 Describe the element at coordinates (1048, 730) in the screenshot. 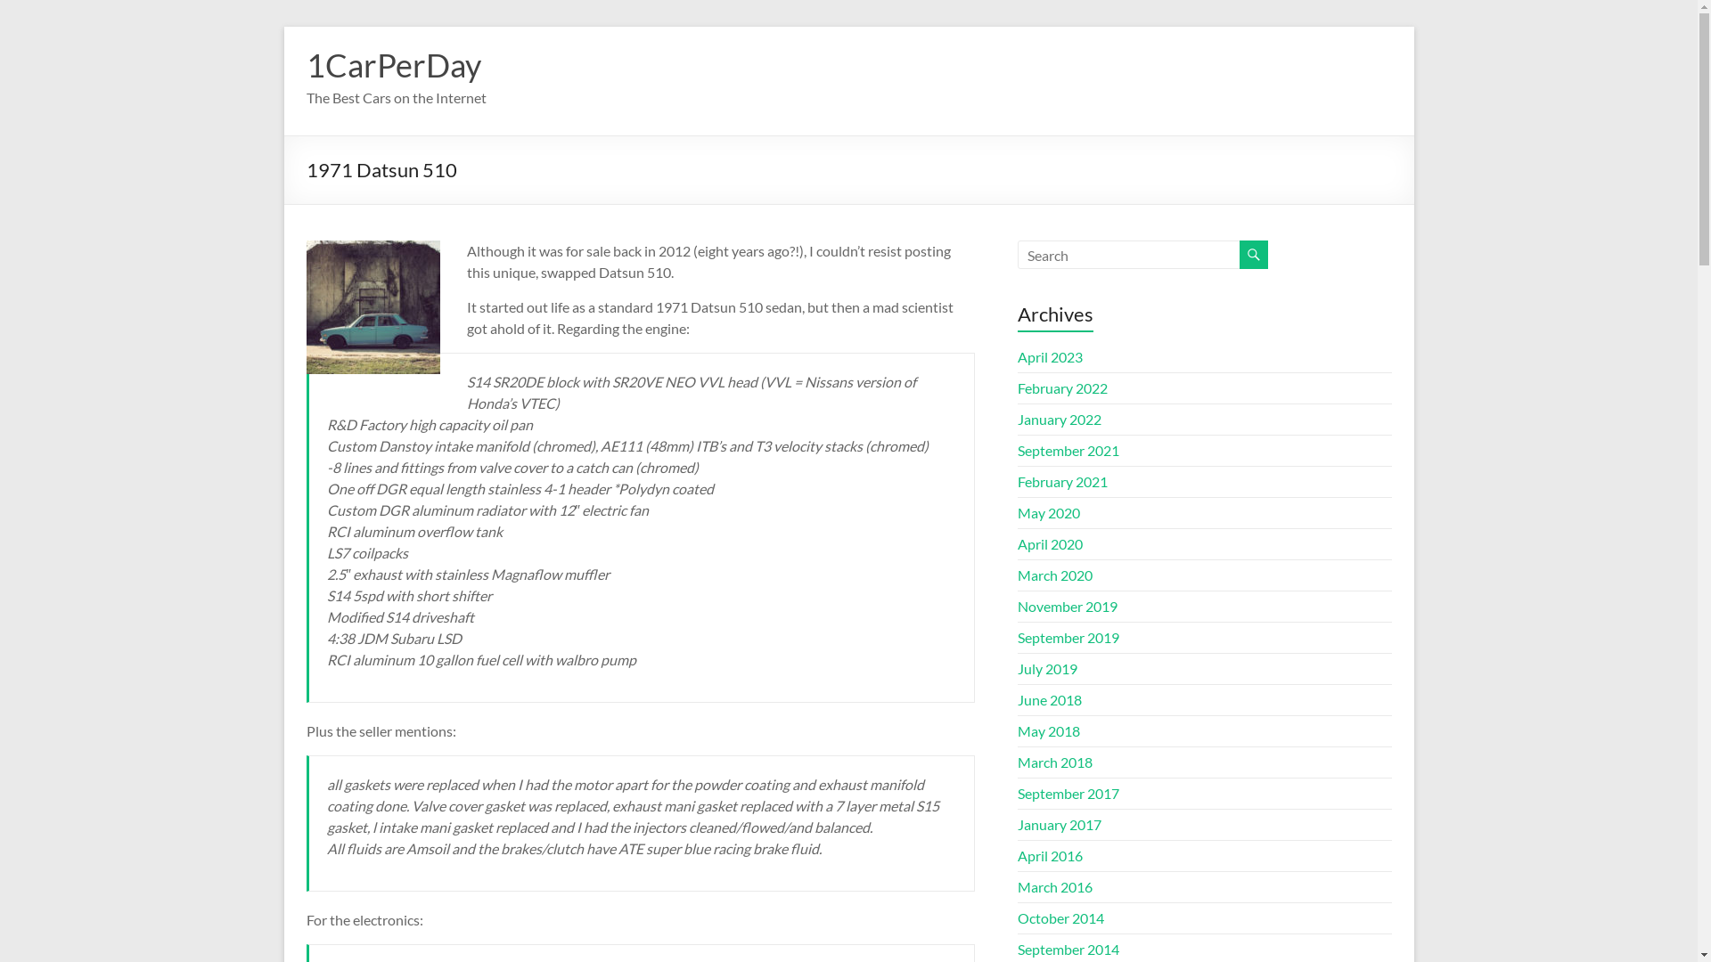

I see `'May 2018'` at that location.